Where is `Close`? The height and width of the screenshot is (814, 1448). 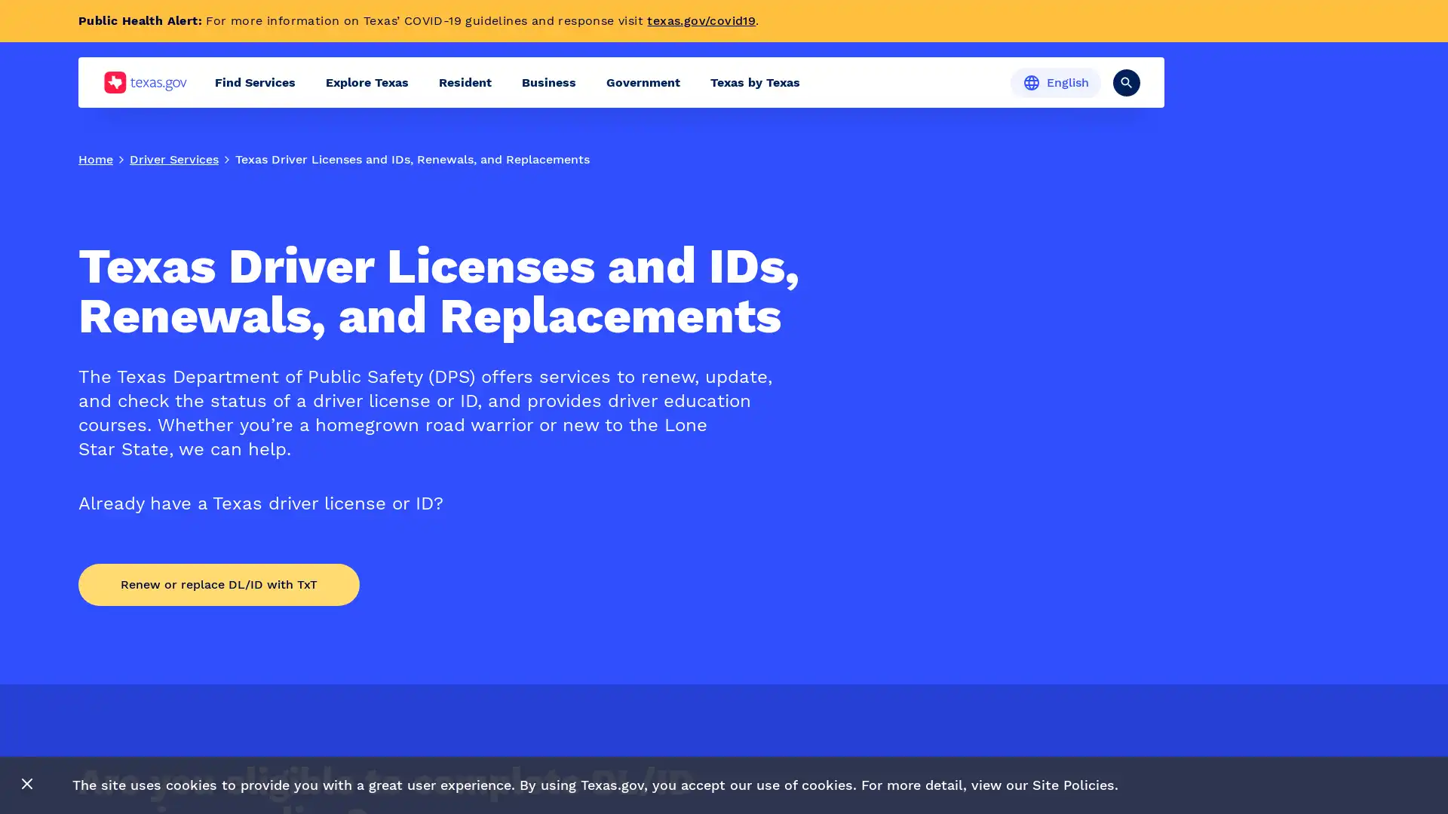
Close is located at coordinates (27, 784).